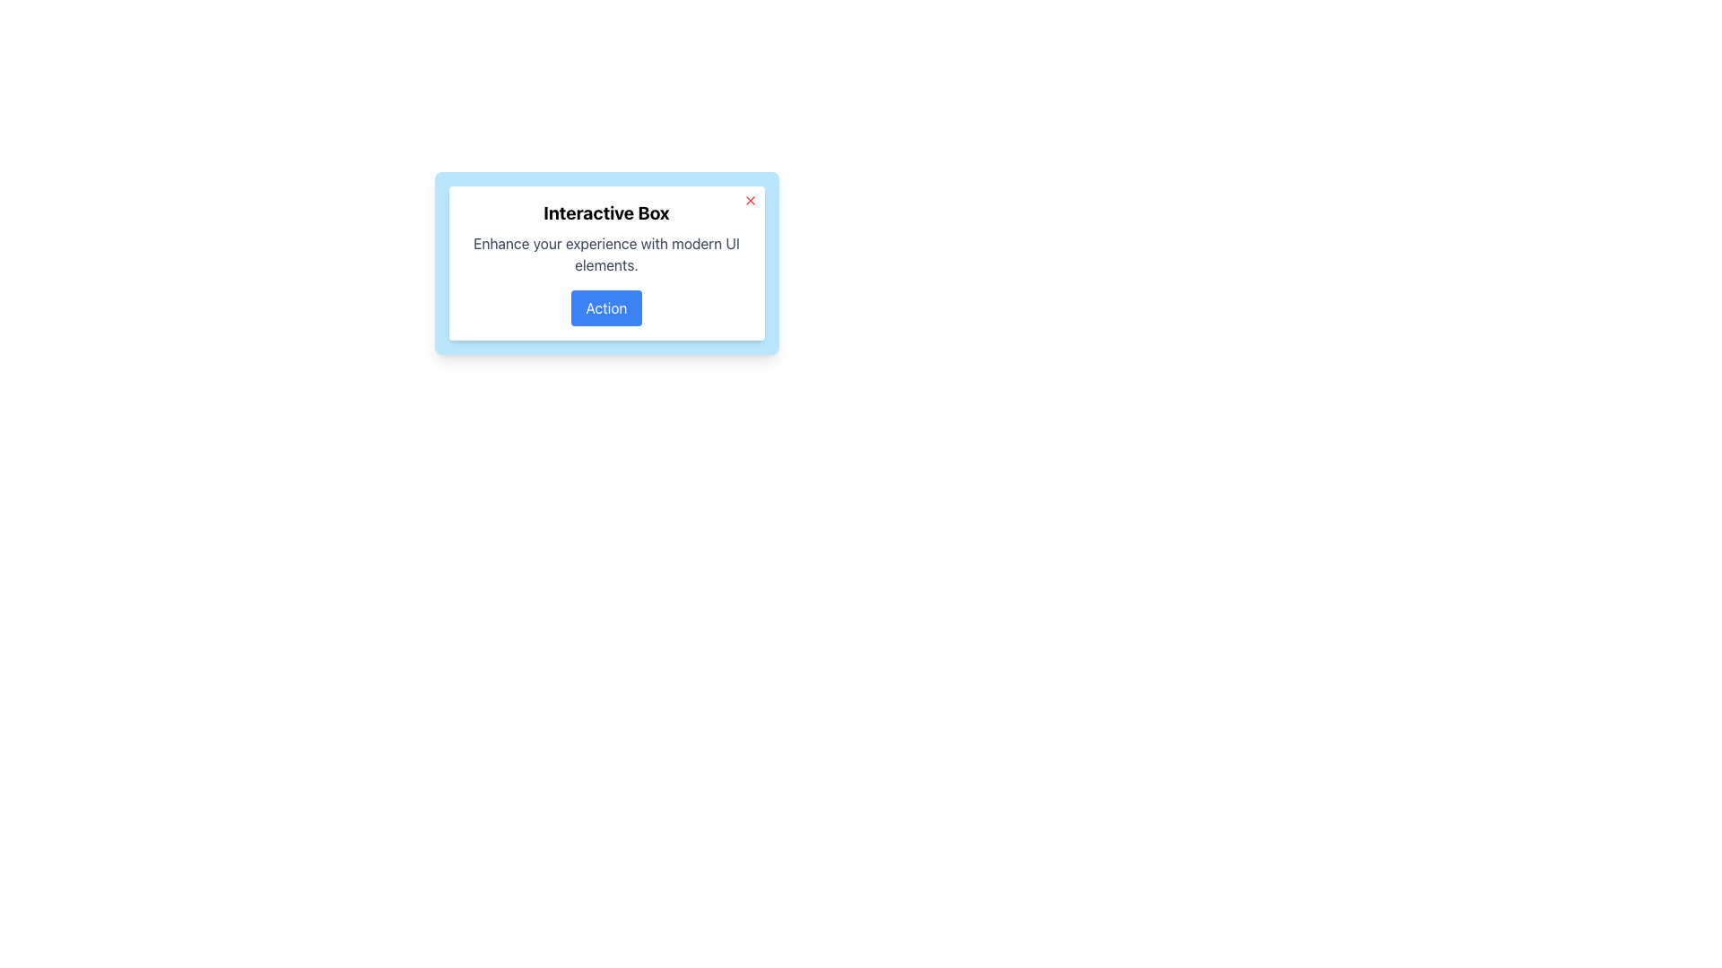 This screenshot has width=1722, height=968. What do you see at coordinates (606, 307) in the screenshot?
I see `the button located at the bottom-center of the 'Interactive Box' modal, which has descriptive text above it stating 'Enhance your experience with modern UI elements.'` at bounding box center [606, 307].